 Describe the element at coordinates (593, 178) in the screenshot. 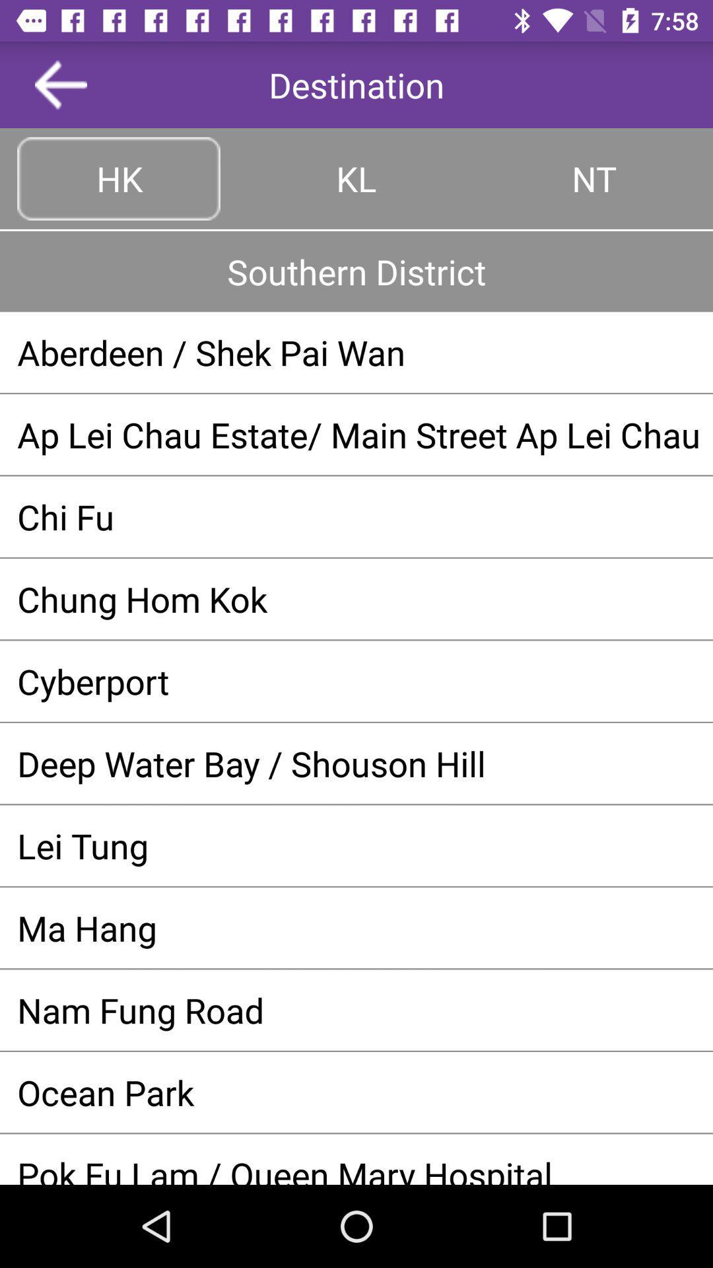

I see `the icon to the right of kl` at that location.